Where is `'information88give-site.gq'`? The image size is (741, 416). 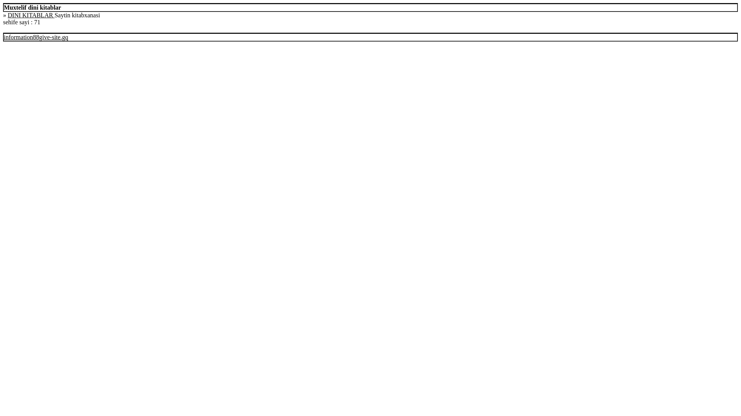 'information88give-site.gq' is located at coordinates (36, 37).